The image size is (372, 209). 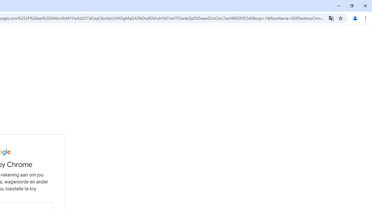 I want to click on 'Translate this page', so click(x=331, y=18).